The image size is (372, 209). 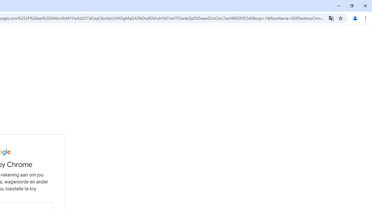 I want to click on 'Translate this page', so click(x=331, y=18).